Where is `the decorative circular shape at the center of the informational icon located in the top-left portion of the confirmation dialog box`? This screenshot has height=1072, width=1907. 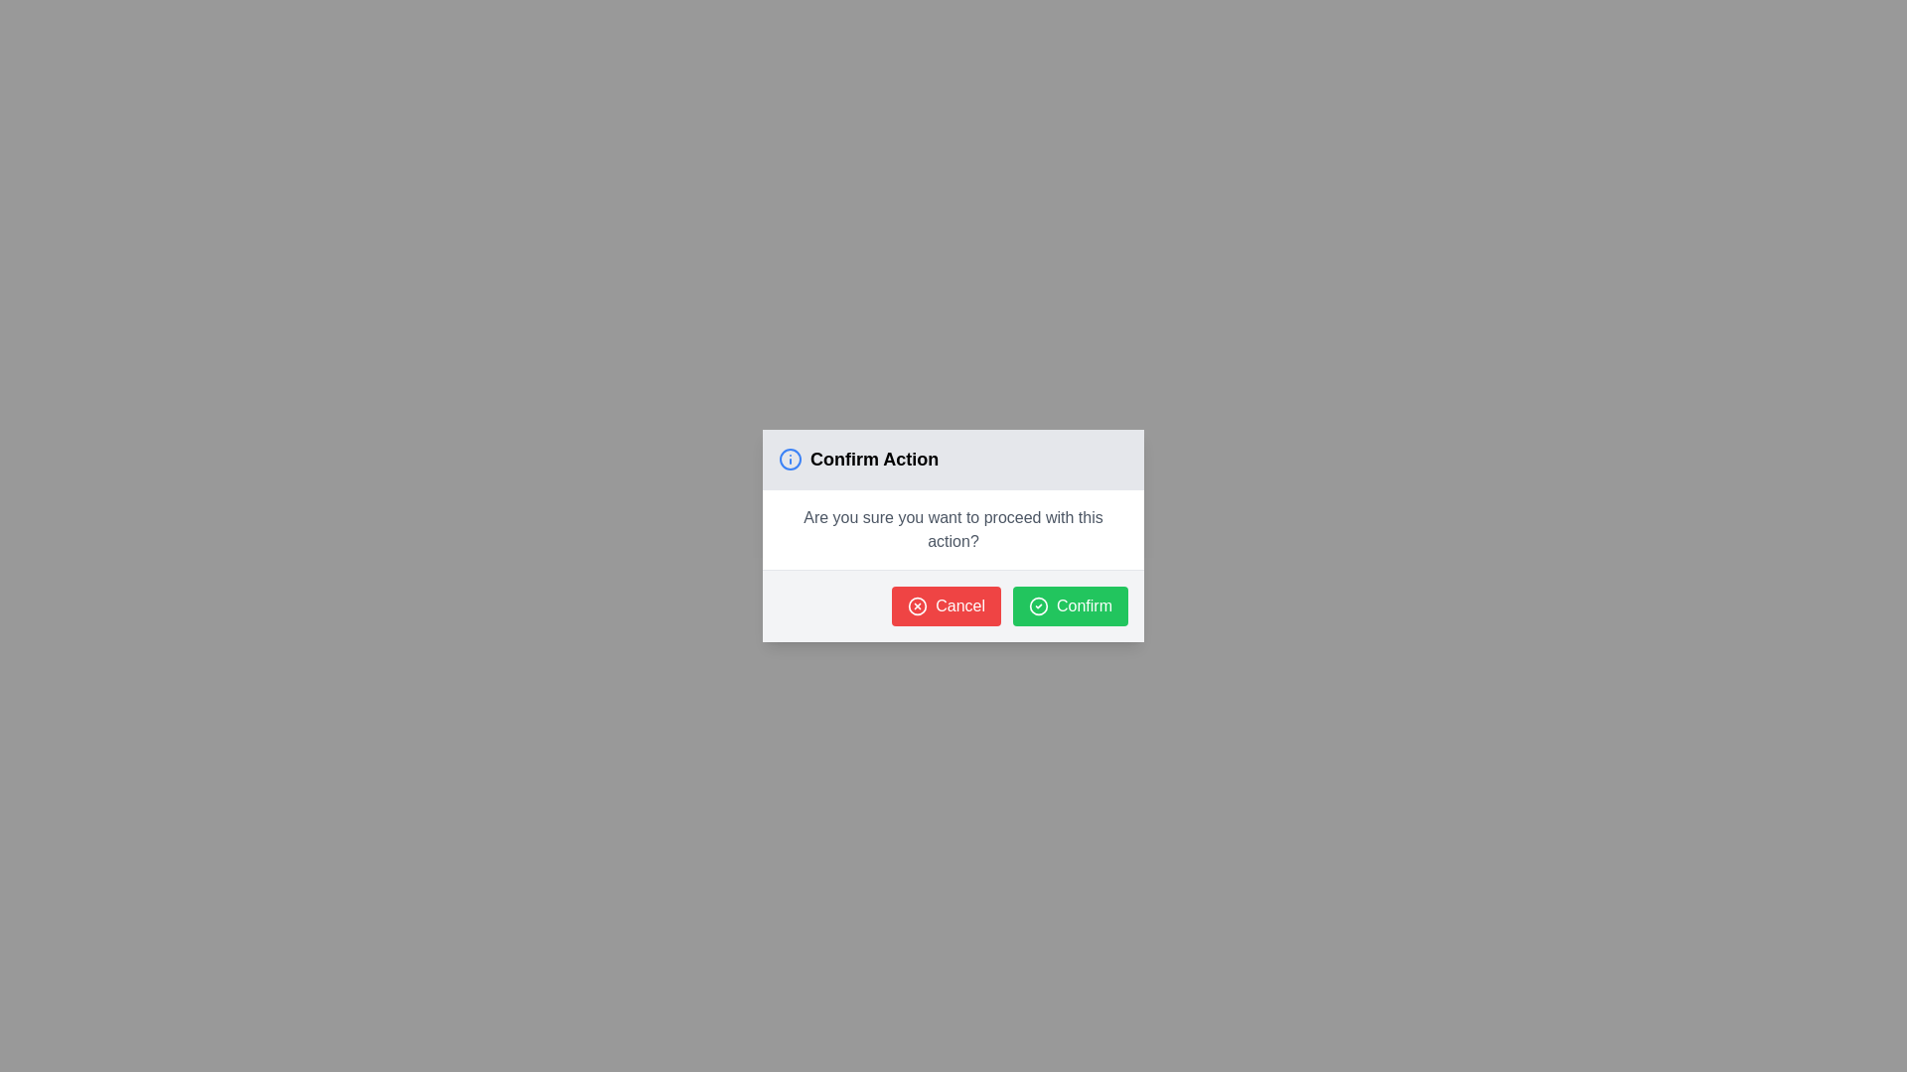 the decorative circular shape at the center of the informational icon located in the top-left portion of the confirmation dialog box is located at coordinates (790, 459).